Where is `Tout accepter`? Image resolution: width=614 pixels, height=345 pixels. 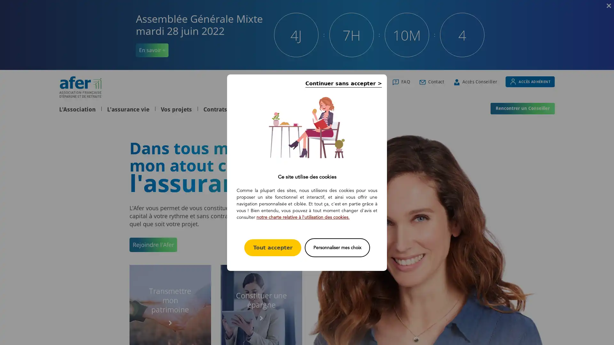
Tout accepter is located at coordinates (273, 247).